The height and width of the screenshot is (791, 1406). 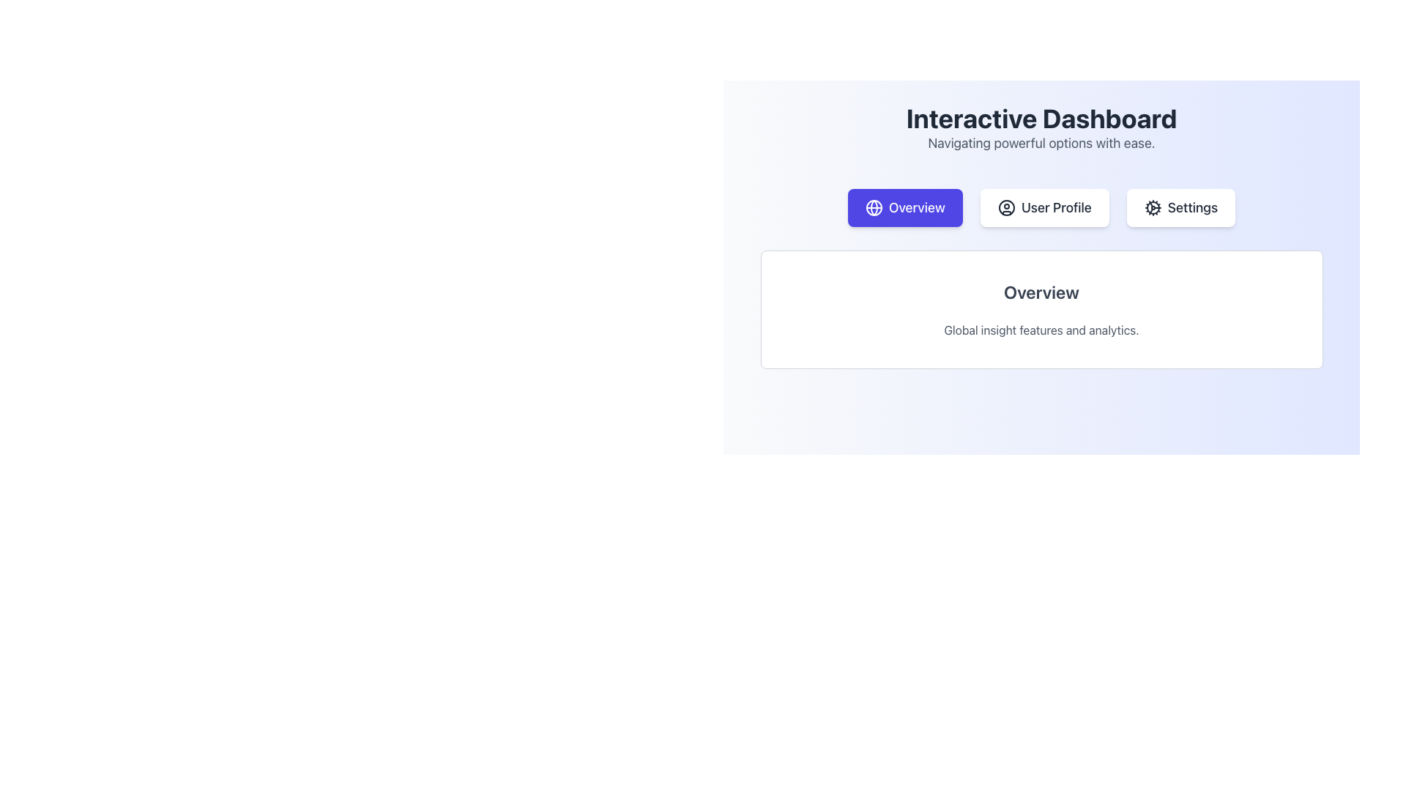 I want to click on the 'Settings' button which features a cog icon, so click(x=1152, y=208).